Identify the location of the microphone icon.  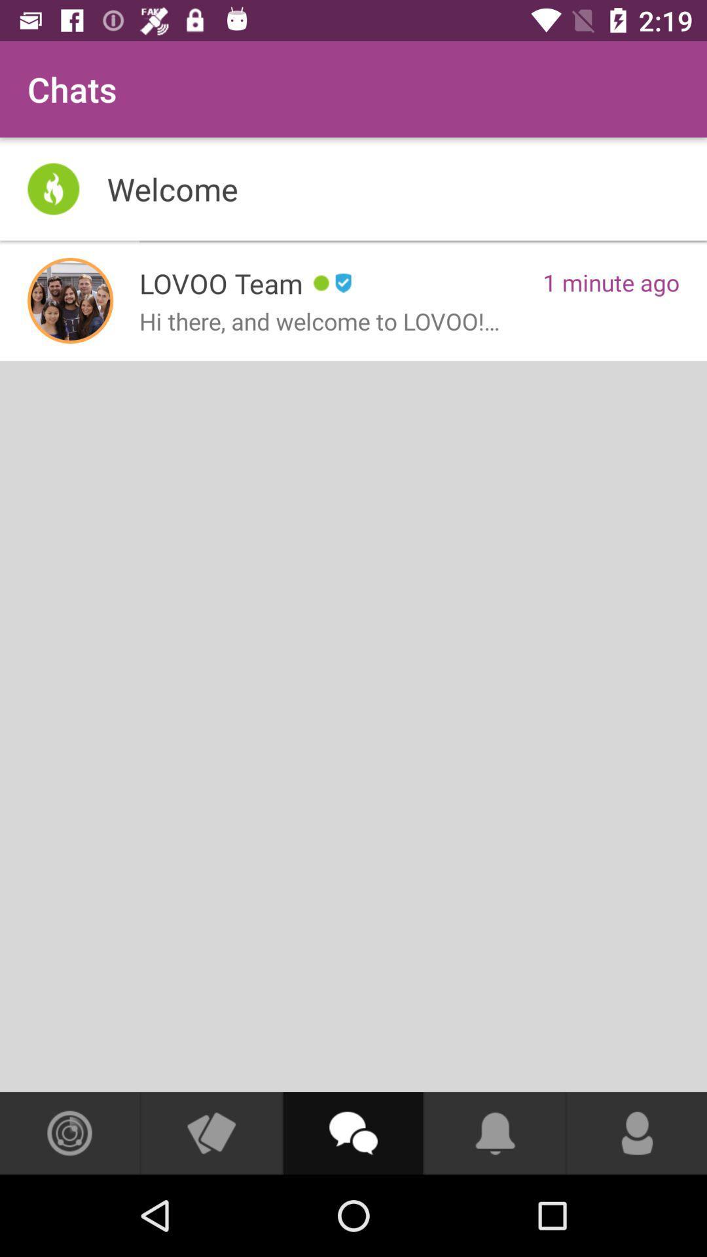
(636, 1133).